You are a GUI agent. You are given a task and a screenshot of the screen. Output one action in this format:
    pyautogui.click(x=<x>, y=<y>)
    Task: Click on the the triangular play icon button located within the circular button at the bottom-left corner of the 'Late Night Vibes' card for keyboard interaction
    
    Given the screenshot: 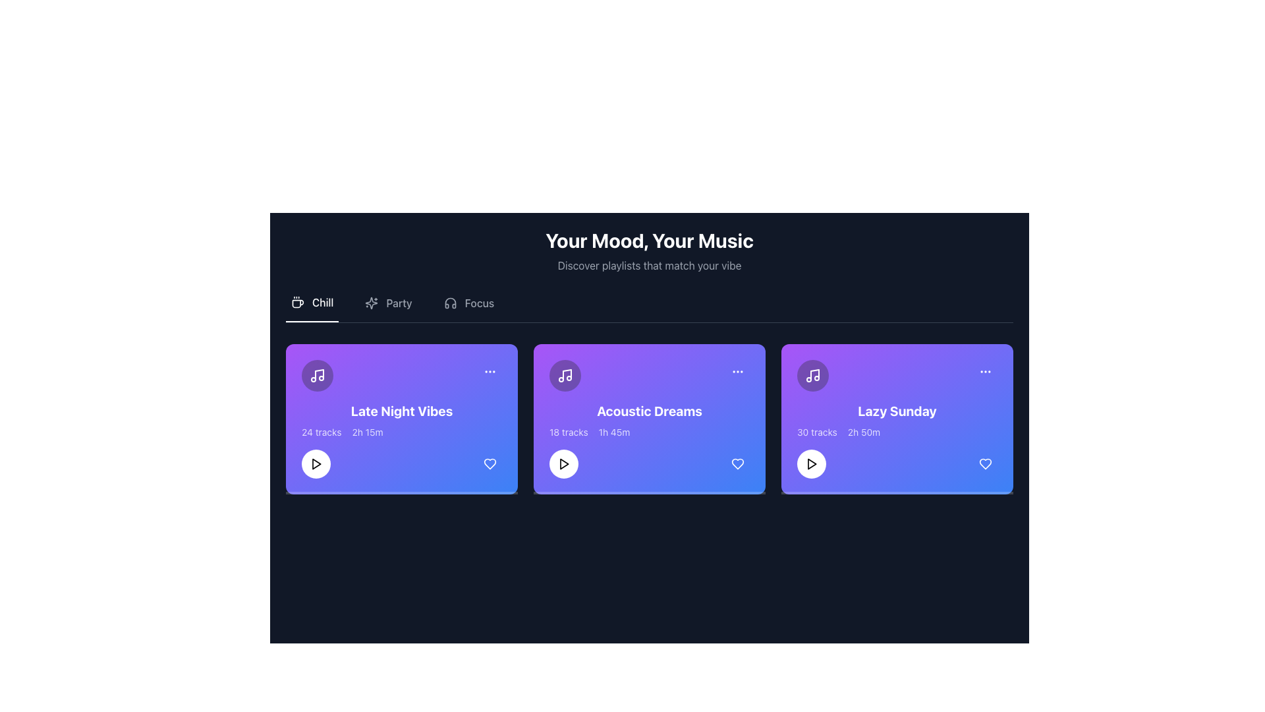 What is the action you would take?
    pyautogui.click(x=316, y=463)
    